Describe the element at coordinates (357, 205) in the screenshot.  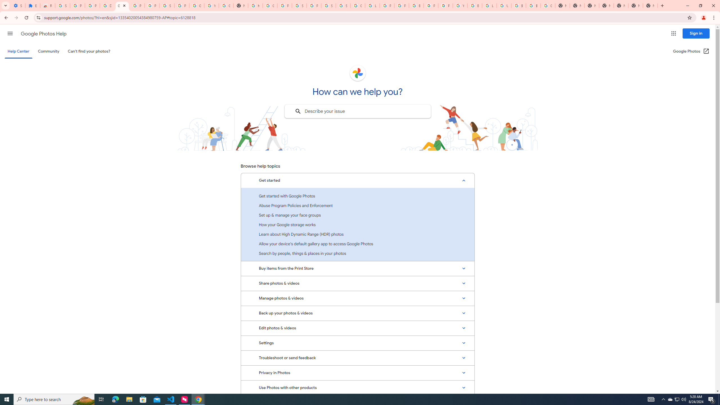
I see `'Abuse Program Policies and Enforcement'` at that location.